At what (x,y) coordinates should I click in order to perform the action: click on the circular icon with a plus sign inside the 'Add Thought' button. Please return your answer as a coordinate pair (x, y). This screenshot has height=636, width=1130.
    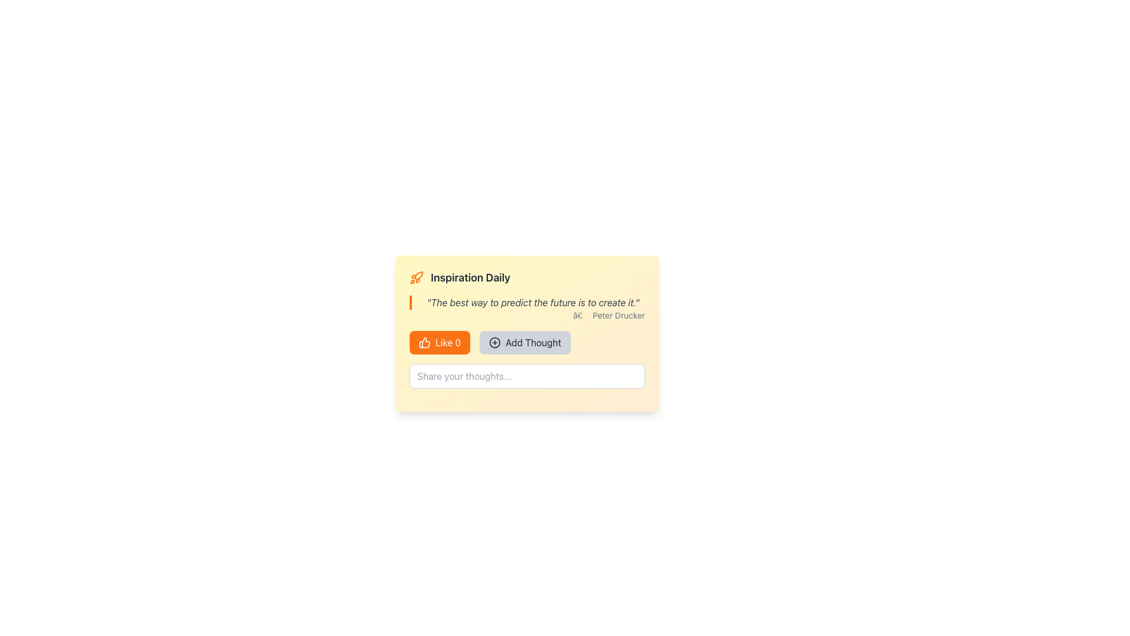
    Looking at the image, I should click on (495, 343).